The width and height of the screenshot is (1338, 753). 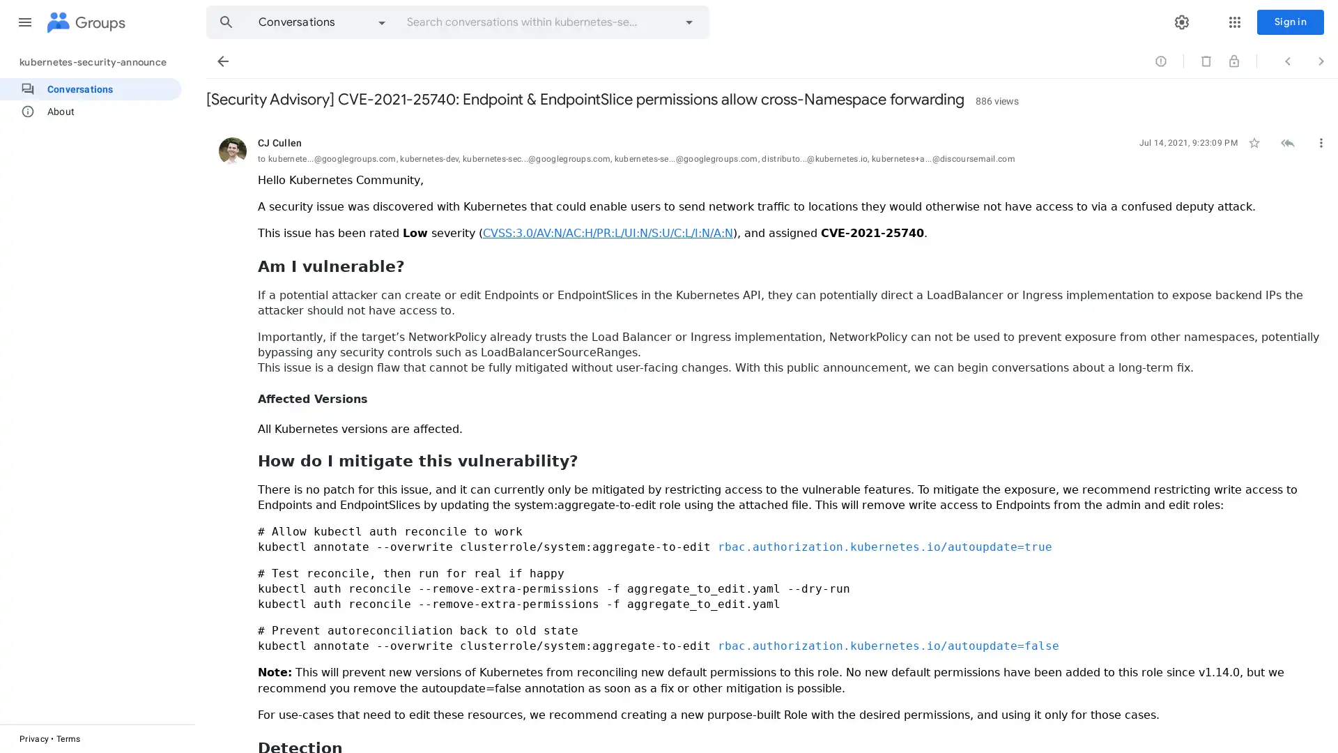 What do you see at coordinates (1234, 61) in the screenshot?
I see `You need the content moderator permission to lock conversations` at bounding box center [1234, 61].